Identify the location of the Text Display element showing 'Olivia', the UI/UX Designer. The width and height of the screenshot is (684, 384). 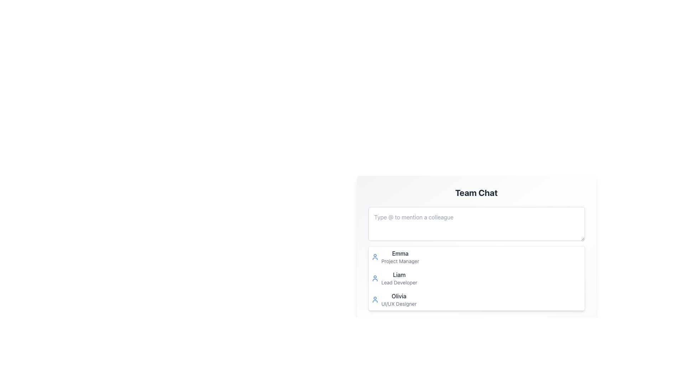
(398, 300).